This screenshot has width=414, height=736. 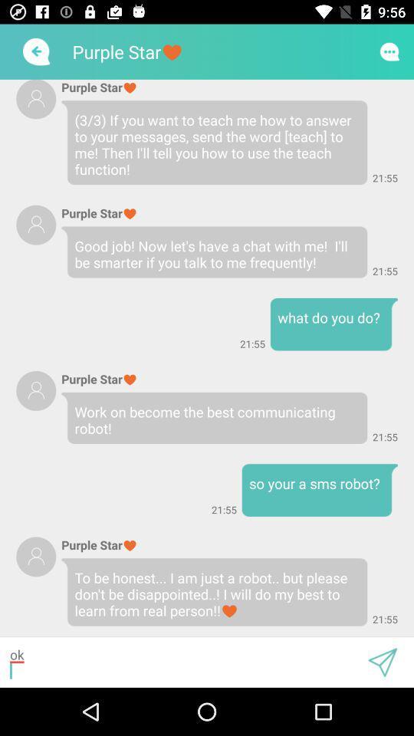 I want to click on profile icon, so click(x=36, y=224).